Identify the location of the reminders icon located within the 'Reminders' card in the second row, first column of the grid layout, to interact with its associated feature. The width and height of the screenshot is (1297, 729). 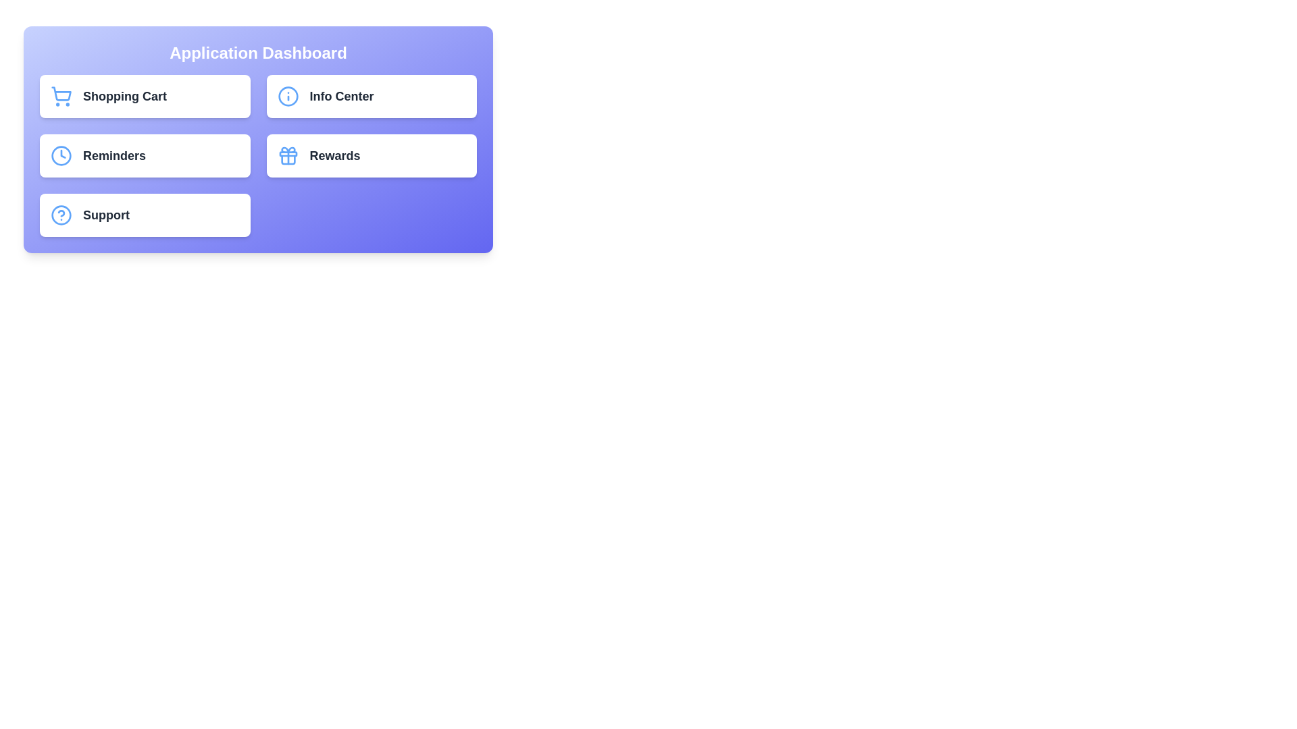
(61, 155).